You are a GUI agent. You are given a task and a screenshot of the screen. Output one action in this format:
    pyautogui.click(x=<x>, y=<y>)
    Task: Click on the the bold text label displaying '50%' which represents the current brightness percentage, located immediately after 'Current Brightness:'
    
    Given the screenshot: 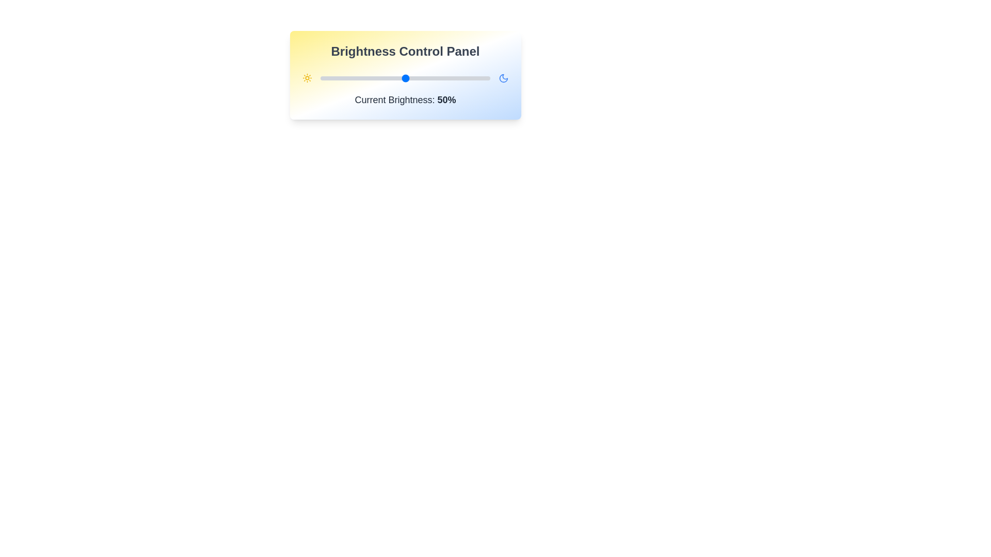 What is the action you would take?
    pyautogui.click(x=446, y=100)
    